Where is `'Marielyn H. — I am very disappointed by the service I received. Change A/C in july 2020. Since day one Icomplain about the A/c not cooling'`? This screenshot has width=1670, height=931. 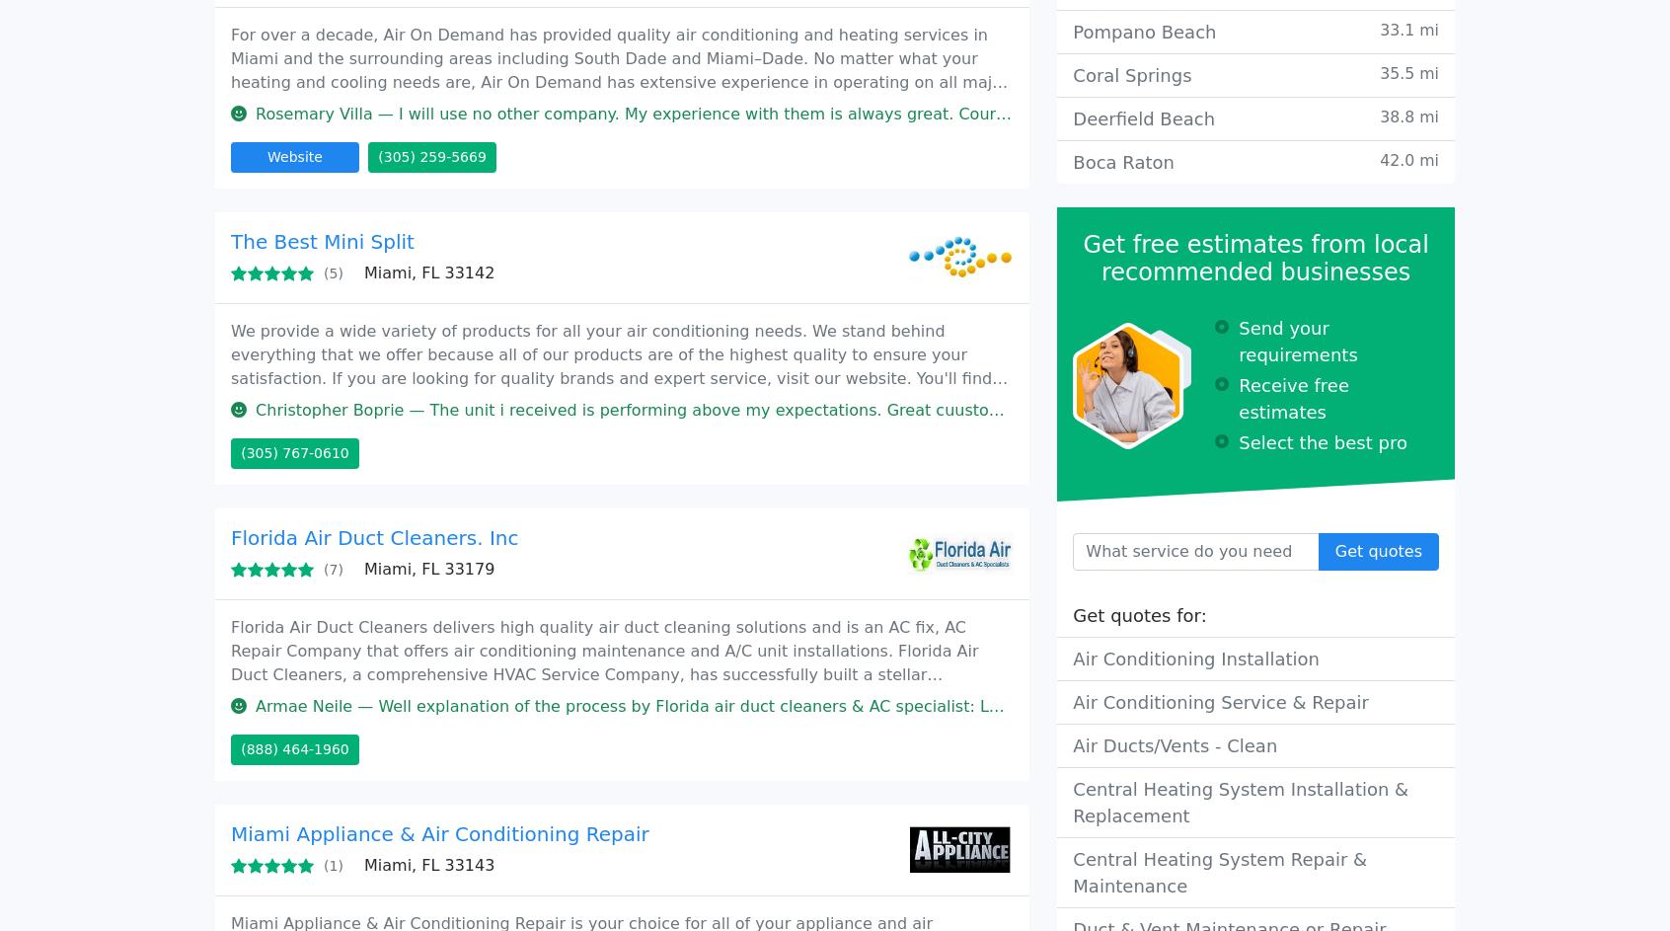 'Marielyn H. — I am very disappointed by the service I received. Change A/C in july 2020. Since day one Icomplain about the A/c not cooling' is located at coordinates (807, 499).